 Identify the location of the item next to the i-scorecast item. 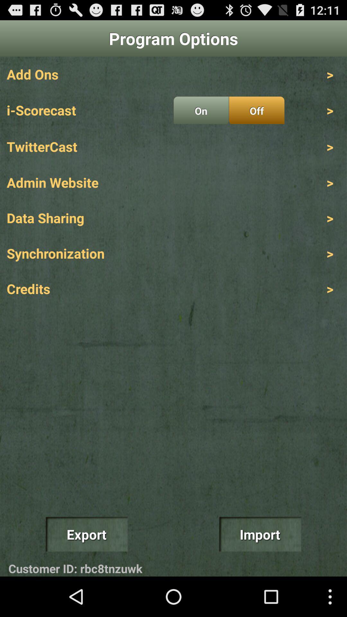
(201, 110).